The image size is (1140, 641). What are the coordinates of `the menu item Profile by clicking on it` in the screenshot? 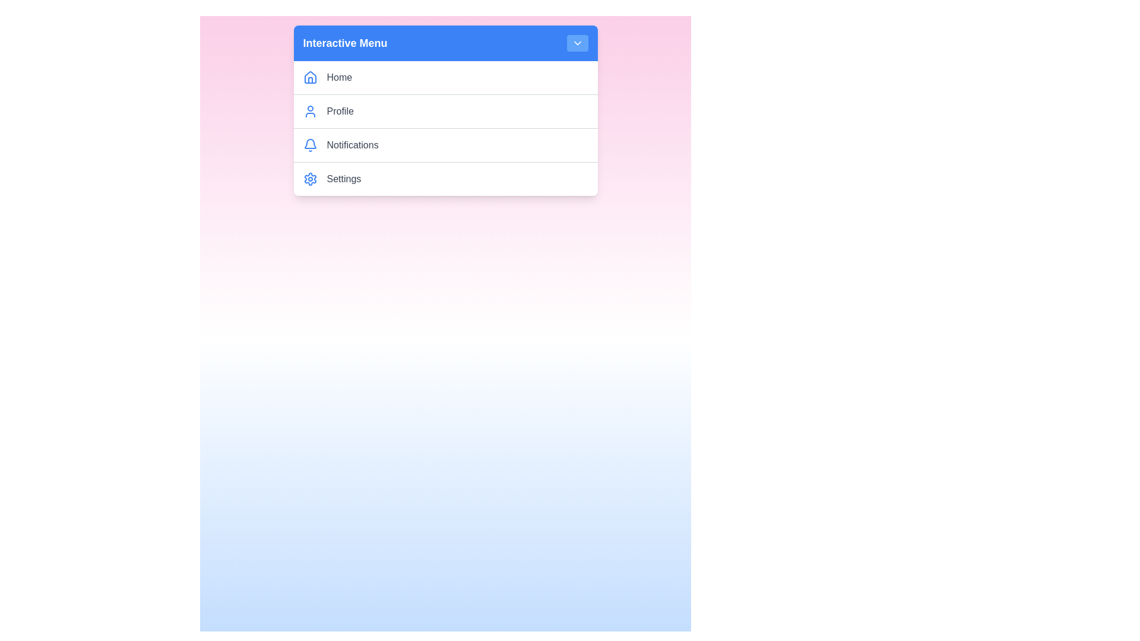 It's located at (457, 112).